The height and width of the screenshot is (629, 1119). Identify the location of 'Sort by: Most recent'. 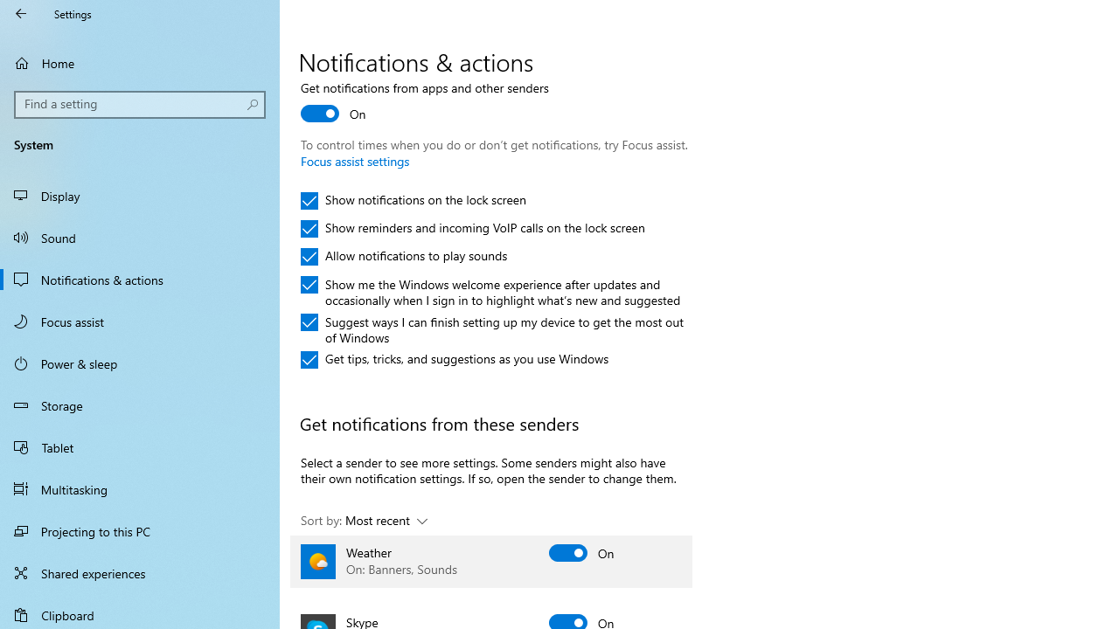
(363, 520).